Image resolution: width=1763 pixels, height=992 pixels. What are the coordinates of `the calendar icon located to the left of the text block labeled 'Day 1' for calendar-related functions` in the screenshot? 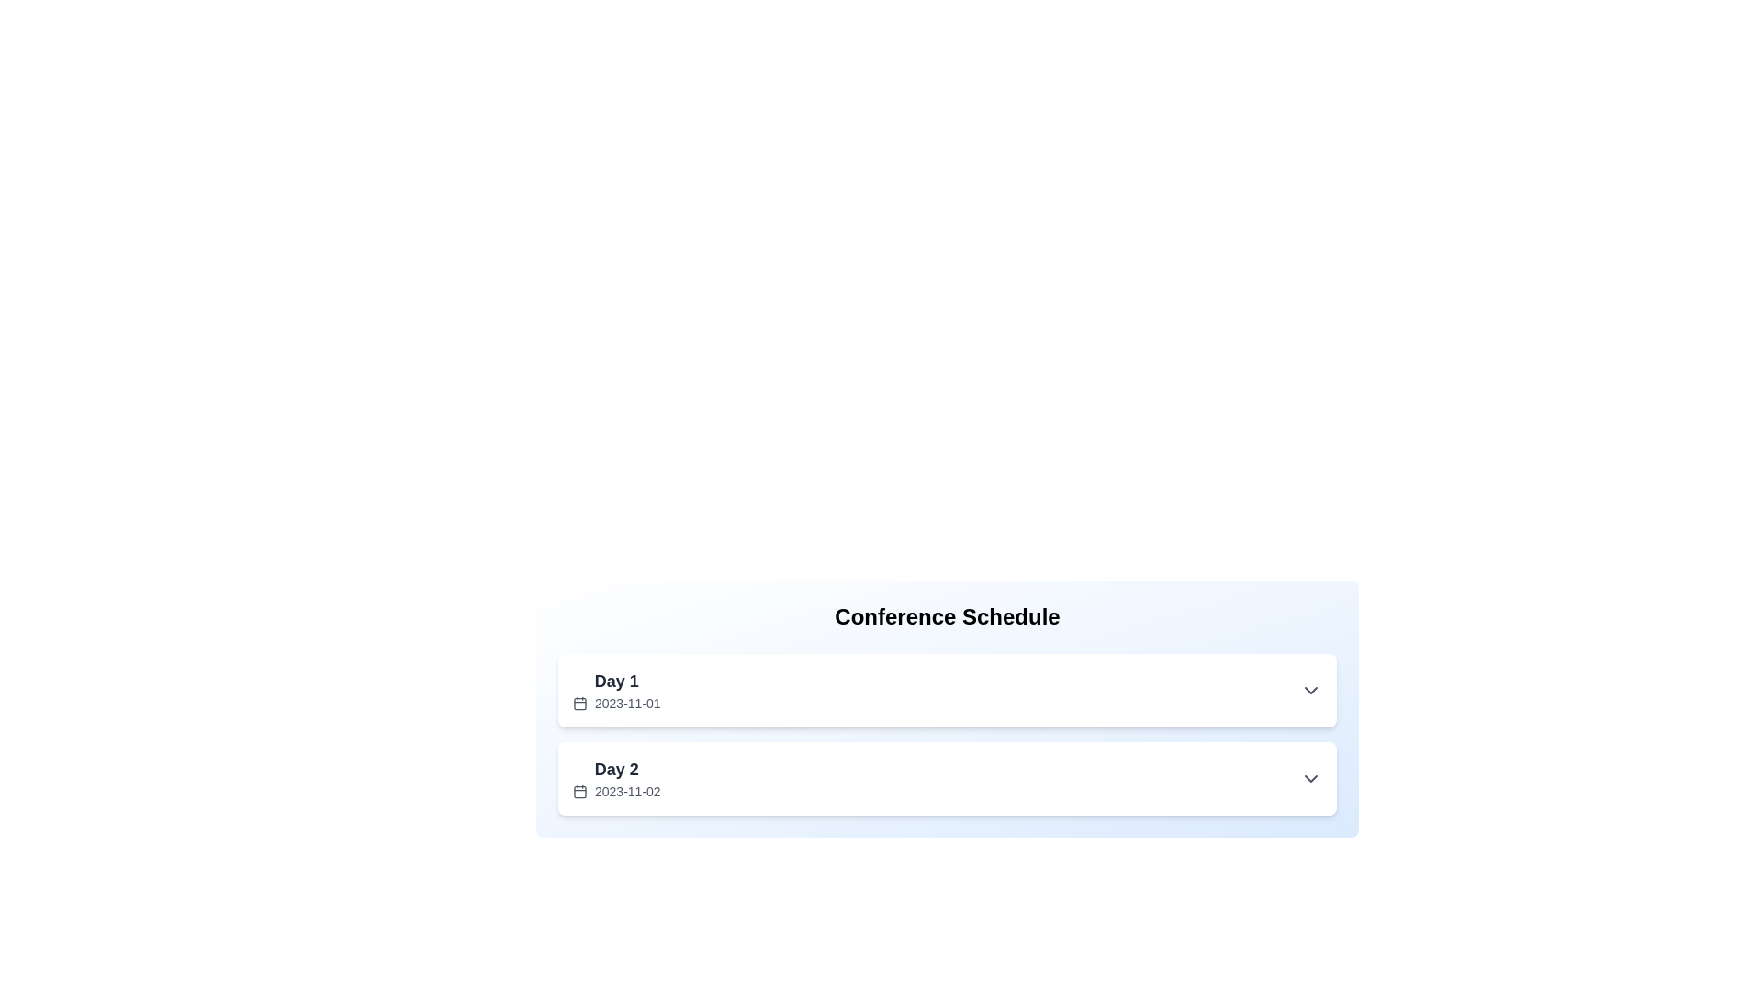 It's located at (616, 691).